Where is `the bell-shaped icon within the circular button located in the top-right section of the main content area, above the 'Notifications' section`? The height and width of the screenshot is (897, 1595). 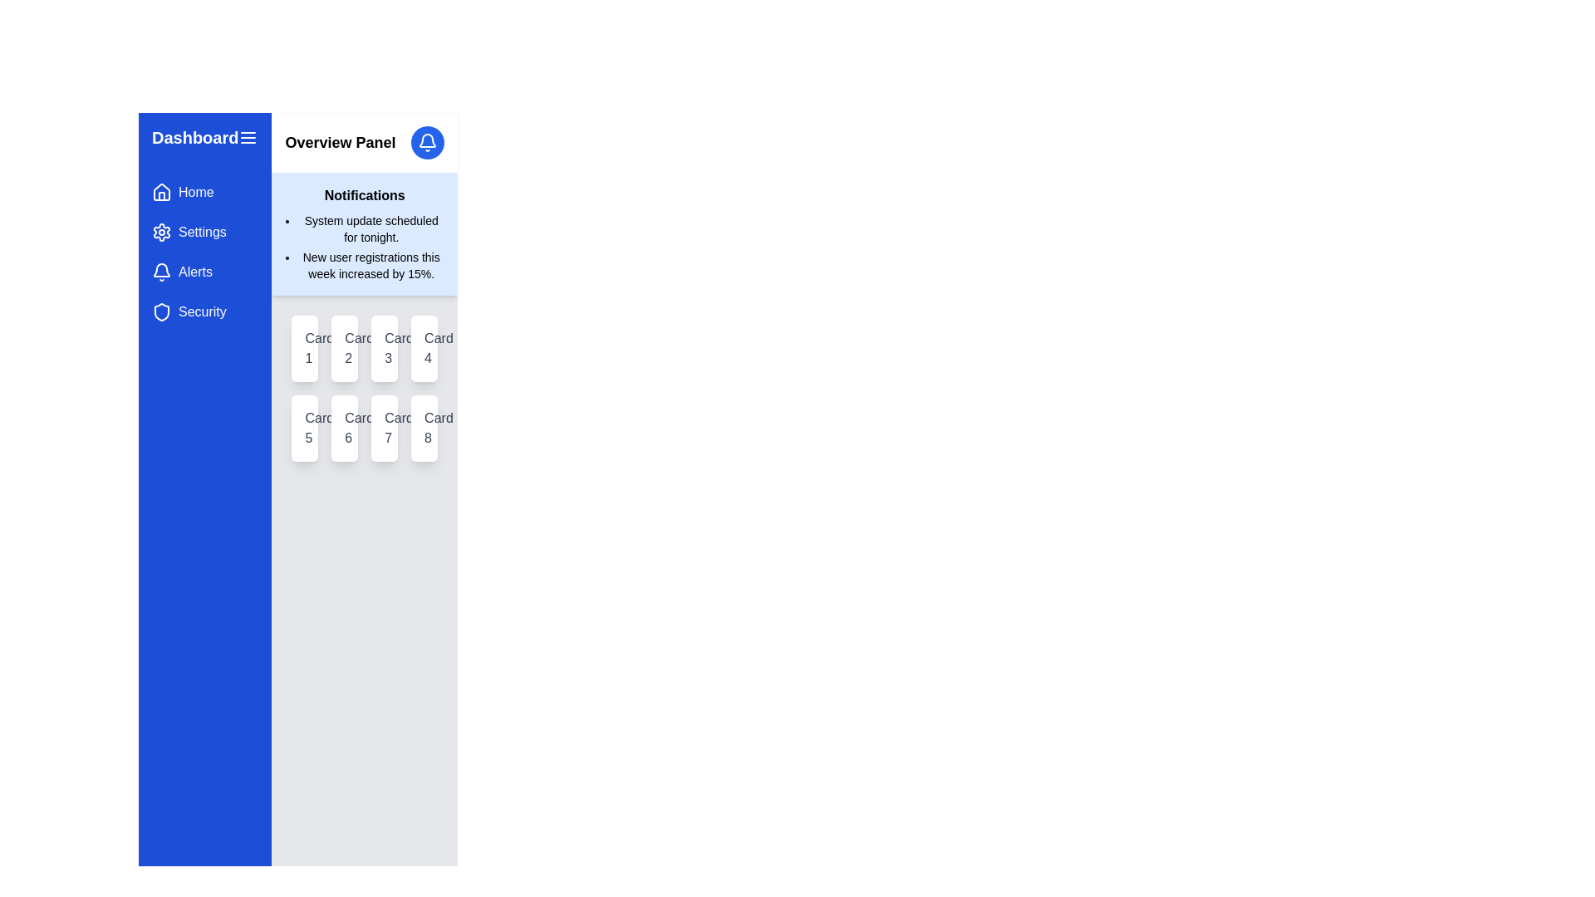
the bell-shaped icon within the circular button located in the top-right section of the main content area, above the 'Notifications' section is located at coordinates (427, 142).